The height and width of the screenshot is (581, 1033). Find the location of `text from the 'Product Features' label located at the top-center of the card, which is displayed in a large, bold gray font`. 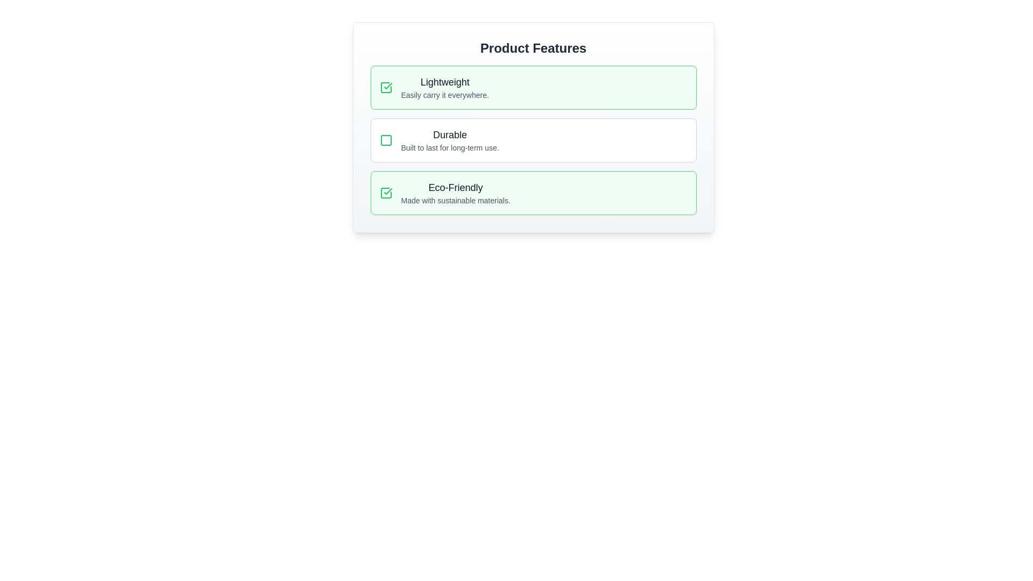

text from the 'Product Features' label located at the top-center of the card, which is displayed in a large, bold gray font is located at coordinates (533, 47).